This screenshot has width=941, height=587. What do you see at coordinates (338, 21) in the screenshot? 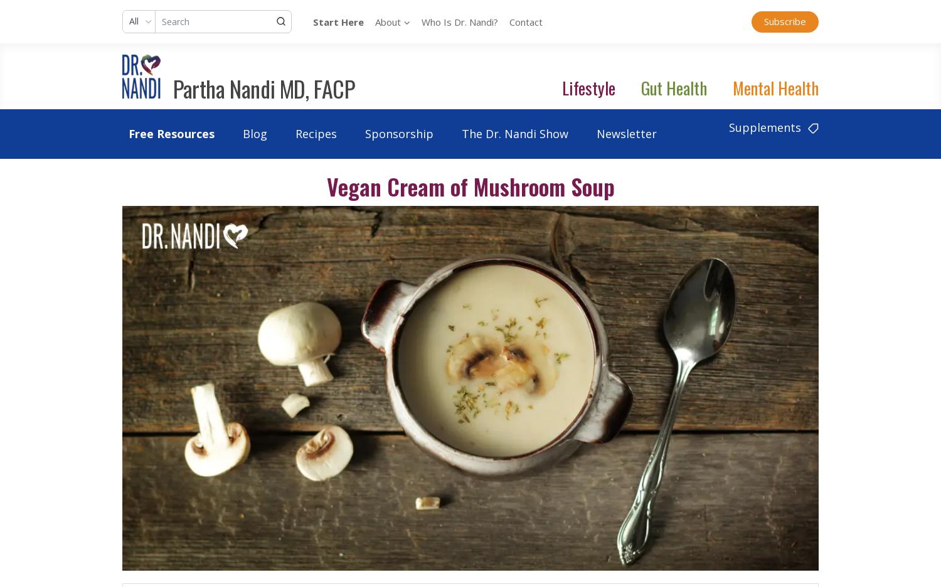
I see `'Start Here'` at bounding box center [338, 21].